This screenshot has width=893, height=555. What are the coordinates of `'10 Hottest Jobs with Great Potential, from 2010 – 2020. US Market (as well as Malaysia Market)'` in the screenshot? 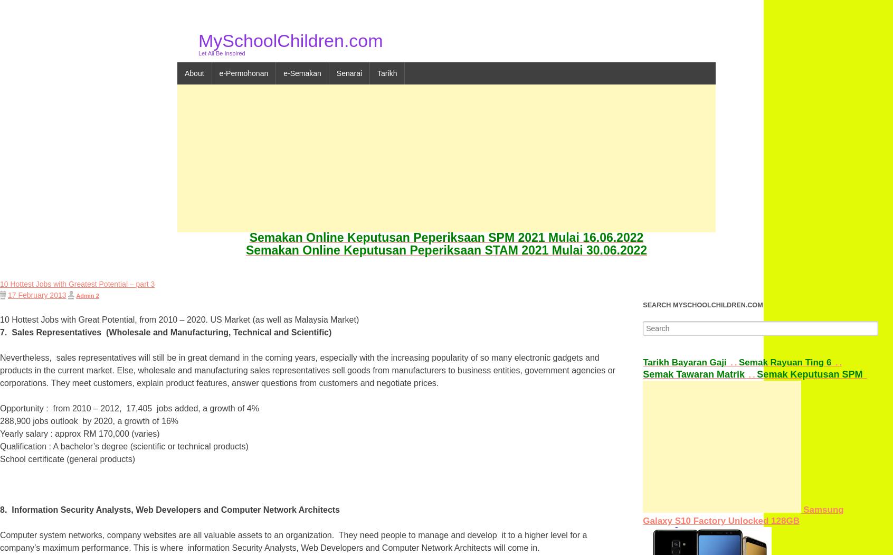 It's located at (178, 319).